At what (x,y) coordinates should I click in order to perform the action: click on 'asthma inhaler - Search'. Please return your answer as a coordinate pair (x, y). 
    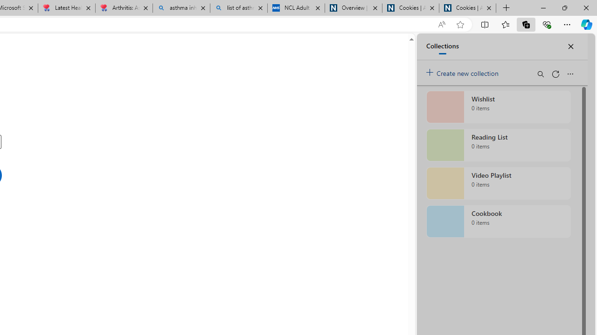
    Looking at the image, I should click on (181, 8).